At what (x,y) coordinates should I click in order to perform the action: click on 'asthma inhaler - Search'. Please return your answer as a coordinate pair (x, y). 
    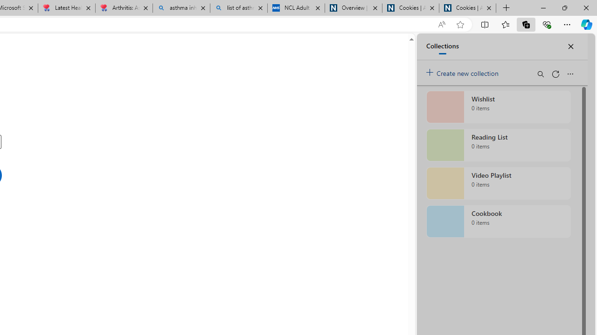
    Looking at the image, I should click on (181, 8).